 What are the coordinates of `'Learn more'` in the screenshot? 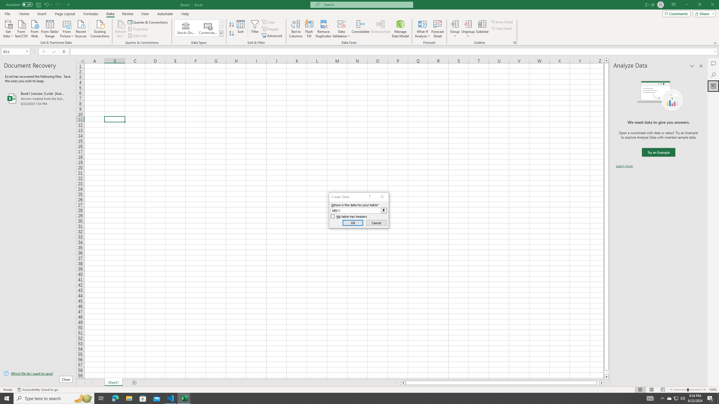 It's located at (624, 166).